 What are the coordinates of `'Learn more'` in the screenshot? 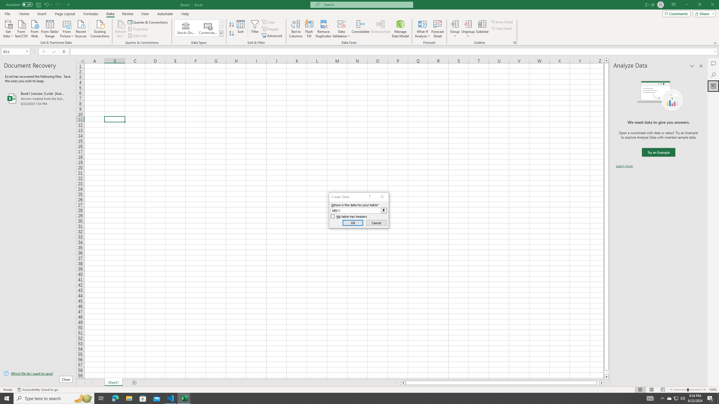 It's located at (624, 166).